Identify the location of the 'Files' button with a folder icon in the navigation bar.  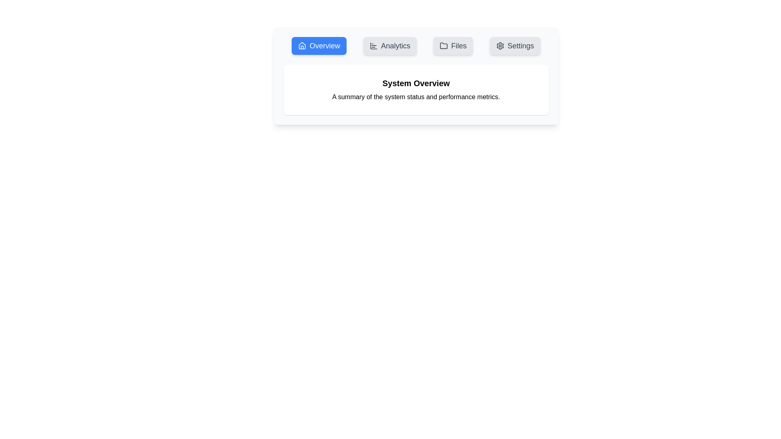
(453, 46).